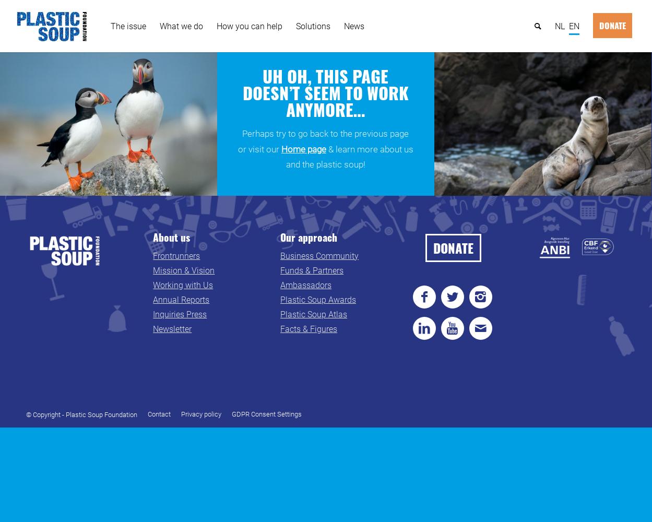  What do you see at coordinates (612, 26) in the screenshot?
I see `'Donate'` at bounding box center [612, 26].